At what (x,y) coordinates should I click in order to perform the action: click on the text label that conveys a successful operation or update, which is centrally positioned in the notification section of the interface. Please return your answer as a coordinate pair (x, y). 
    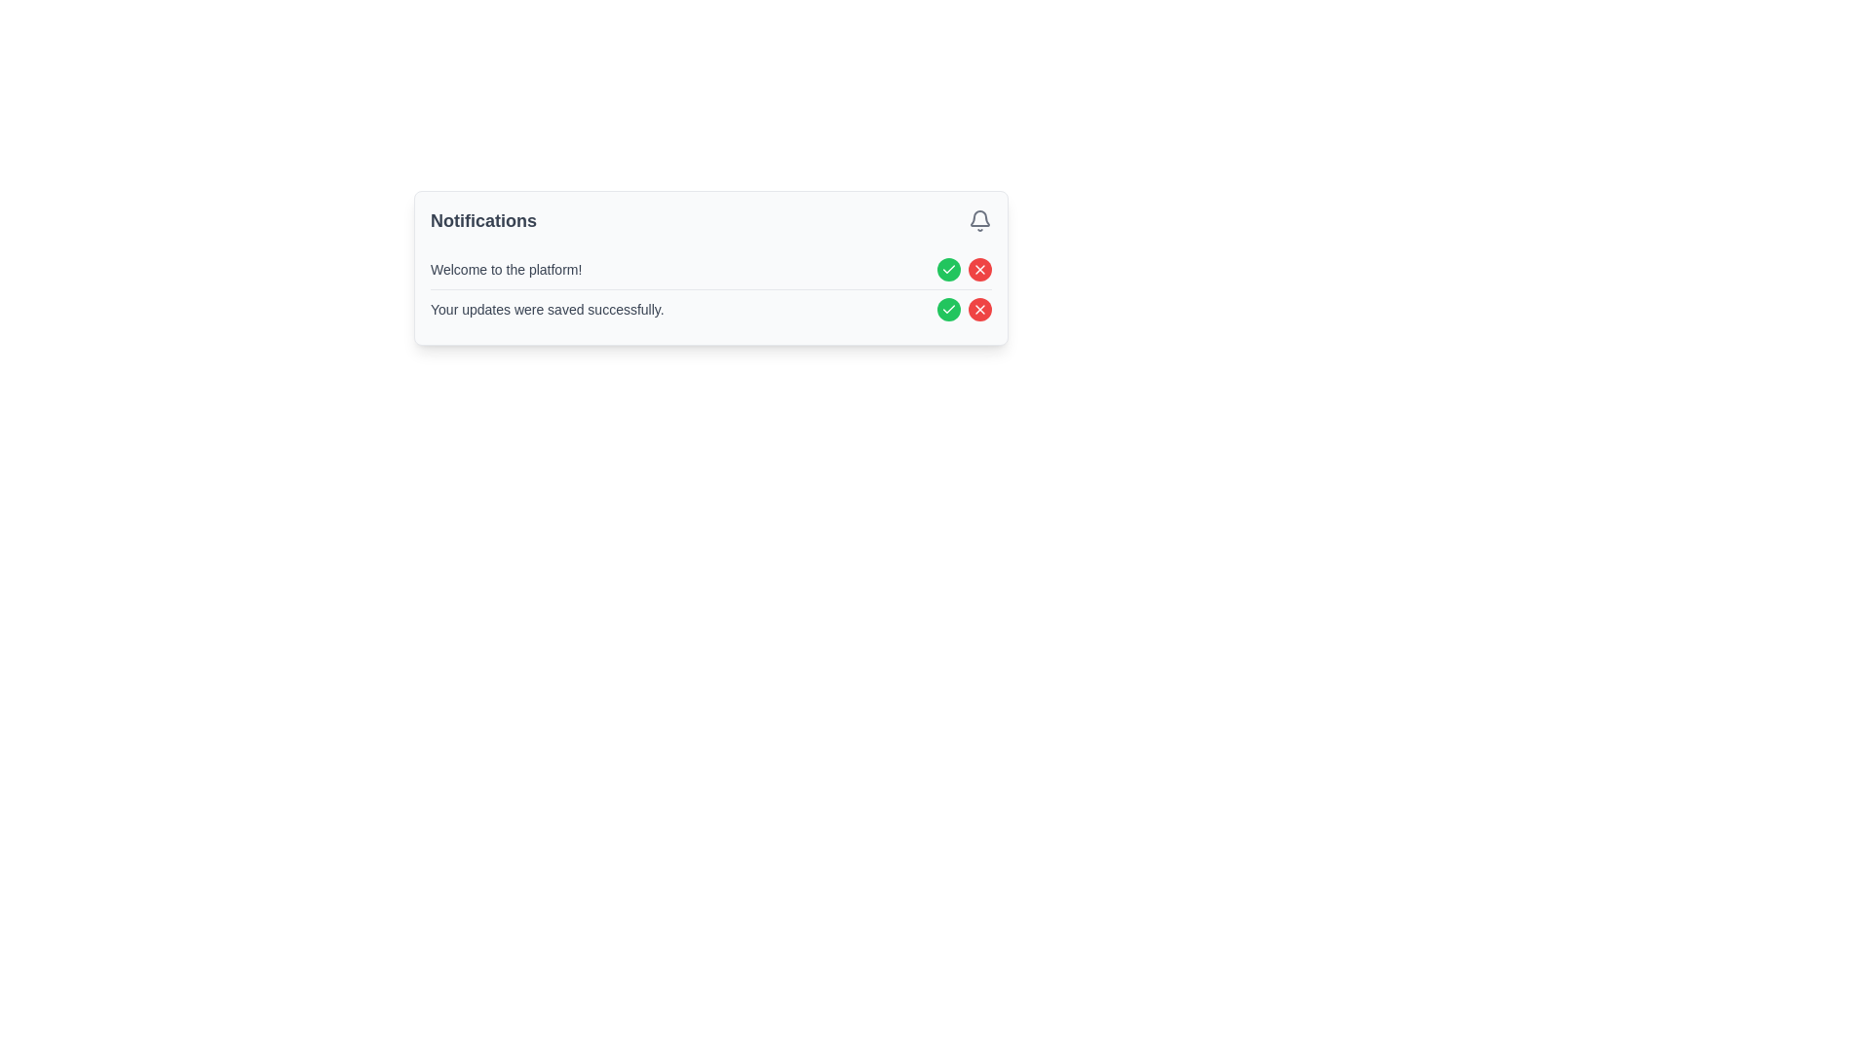
    Looking at the image, I should click on (546, 308).